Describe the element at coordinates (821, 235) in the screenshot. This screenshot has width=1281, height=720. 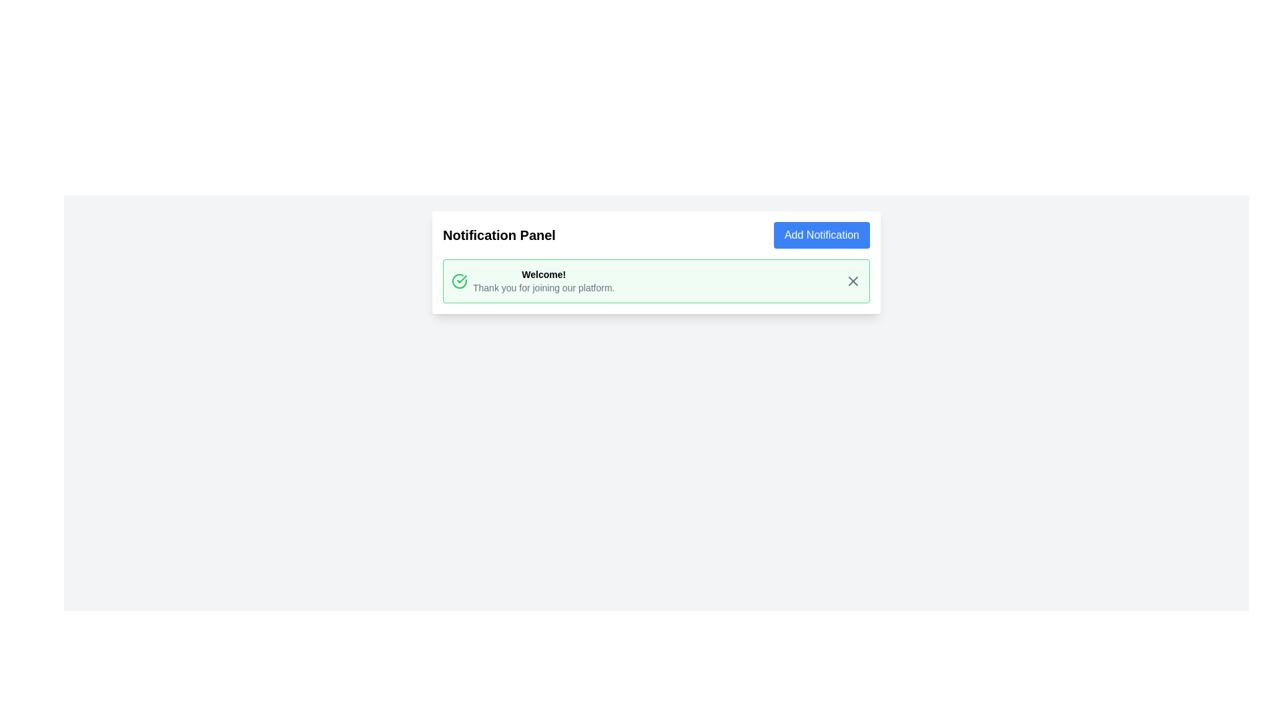
I see `the 'Add Notification' button, which is a rectangular button with a blue background and white text located at the upper-right corner of the 'Notification Panel'` at that location.